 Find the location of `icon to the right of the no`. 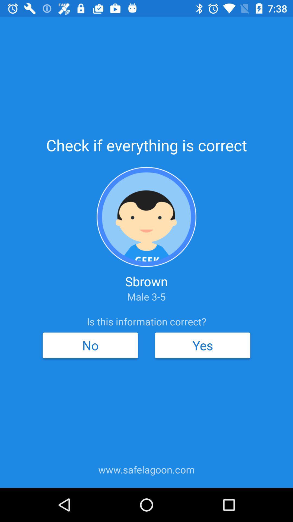

icon to the right of the no is located at coordinates (203, 345).